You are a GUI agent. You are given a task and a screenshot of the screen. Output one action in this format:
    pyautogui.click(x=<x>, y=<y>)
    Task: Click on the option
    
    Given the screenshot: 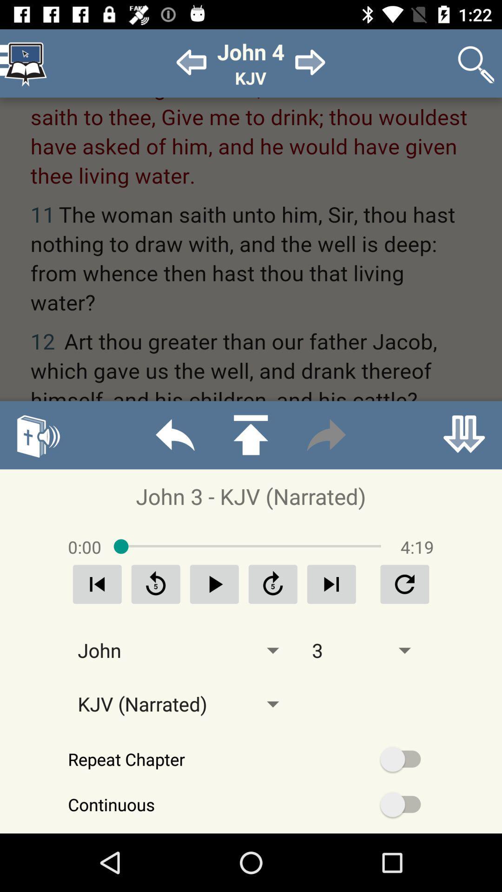 What is the action you would take?
    pyautogui.click(x=214, y=584)
    